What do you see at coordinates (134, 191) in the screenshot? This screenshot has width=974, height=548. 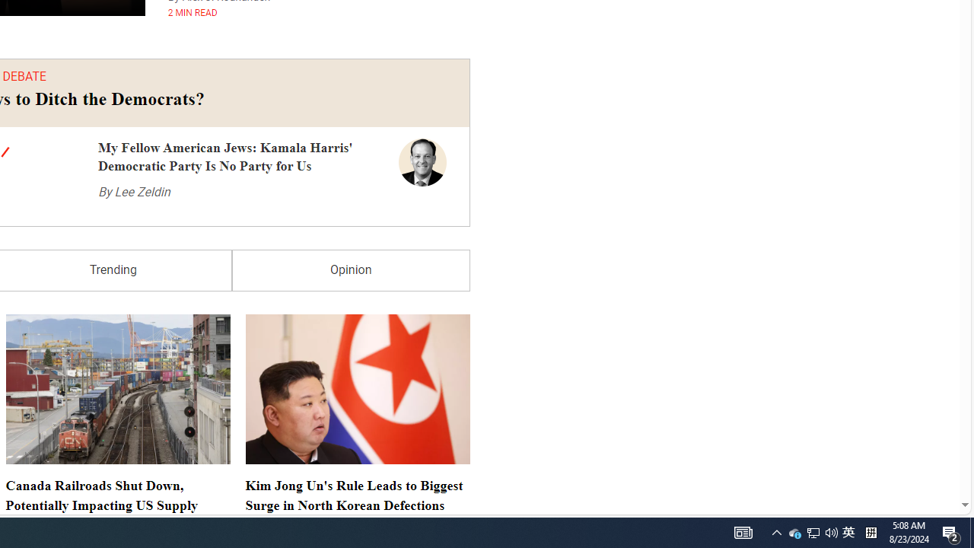 I see `'By Lee Zeldin'` at bounding box center [134, 191].